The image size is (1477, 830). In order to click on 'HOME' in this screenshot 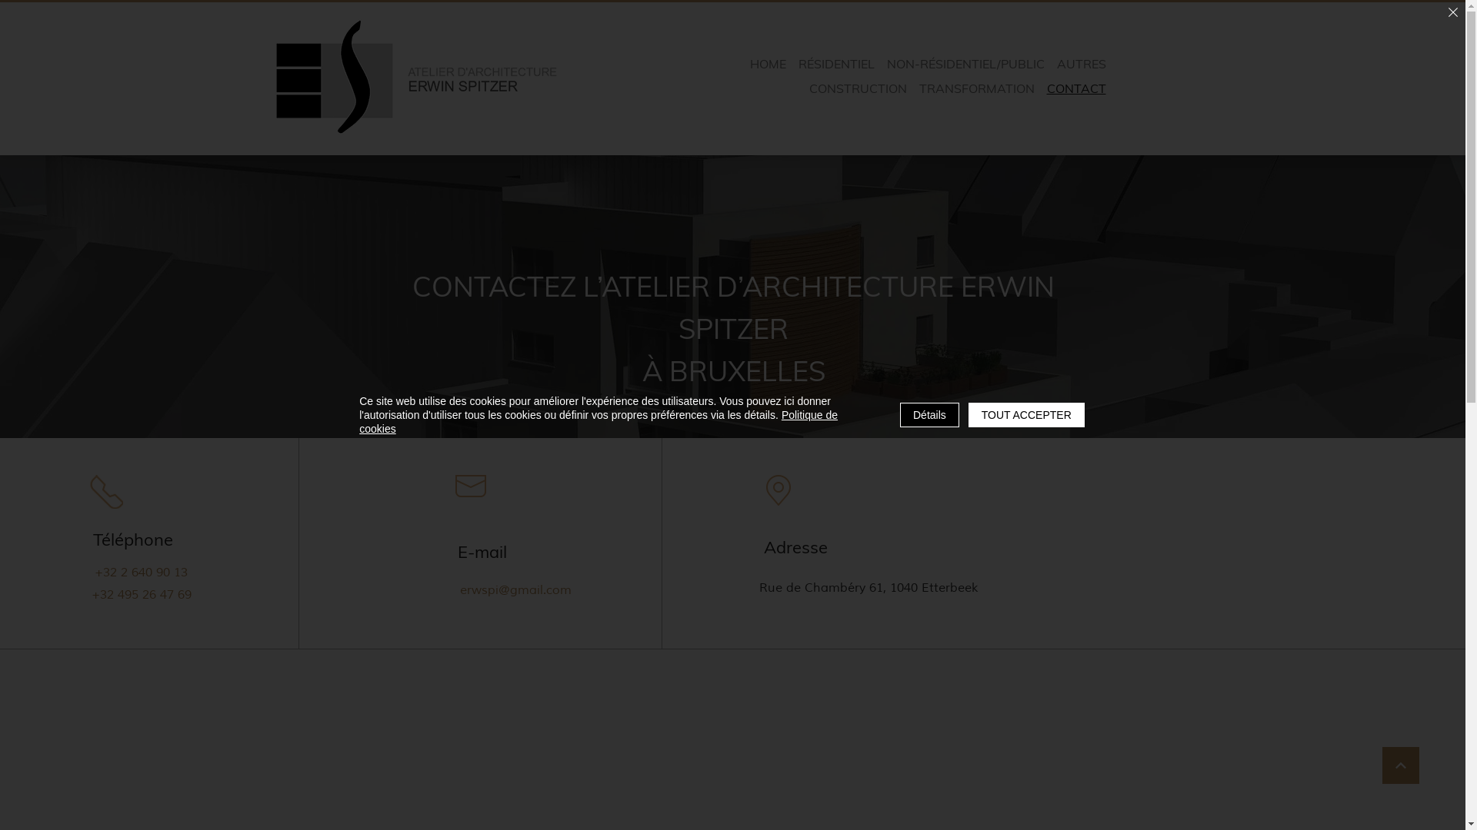, I will do `click(768, 63)`.